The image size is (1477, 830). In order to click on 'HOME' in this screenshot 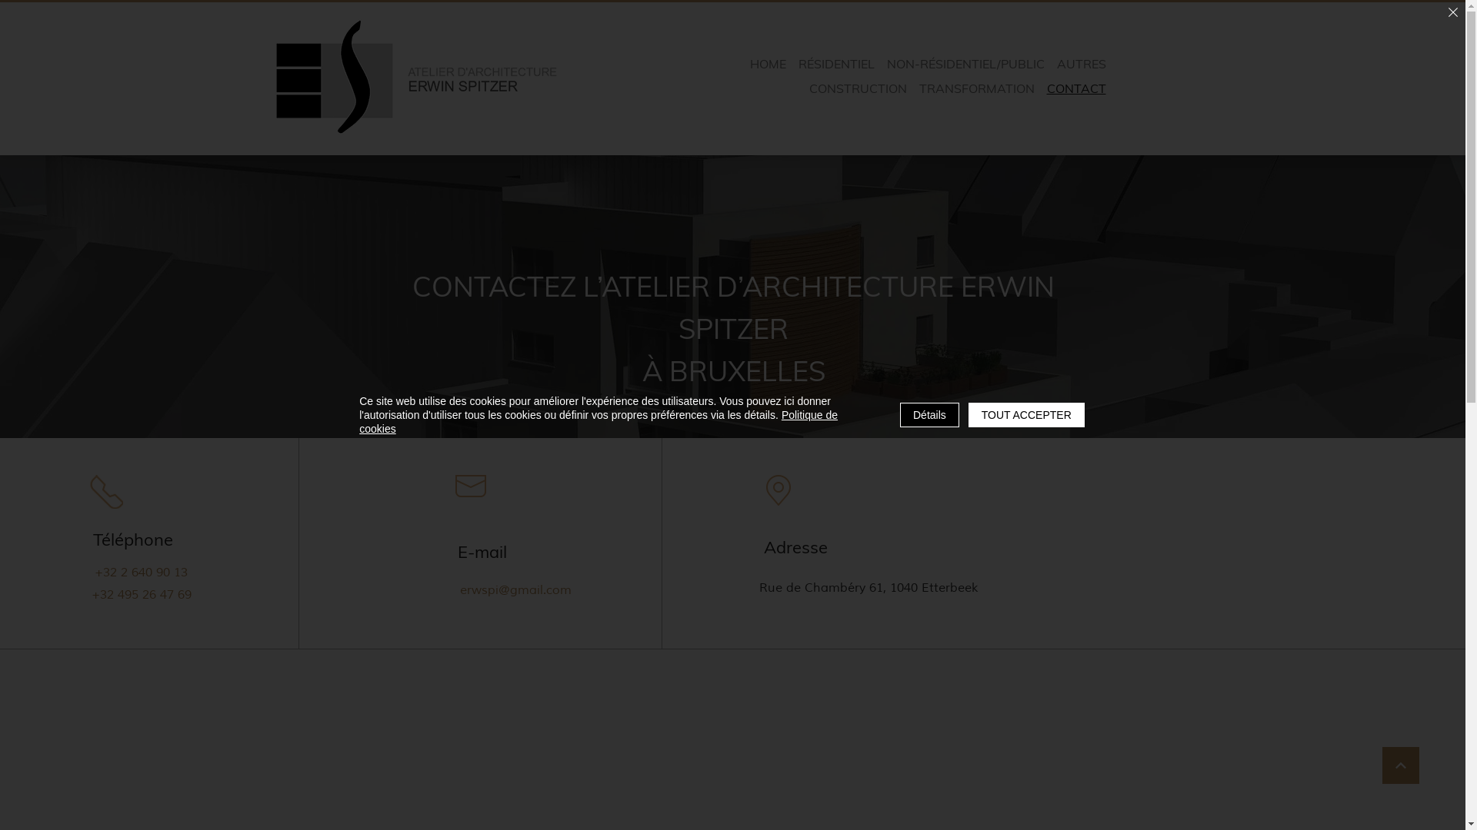, I will do `click(768, 63)`.